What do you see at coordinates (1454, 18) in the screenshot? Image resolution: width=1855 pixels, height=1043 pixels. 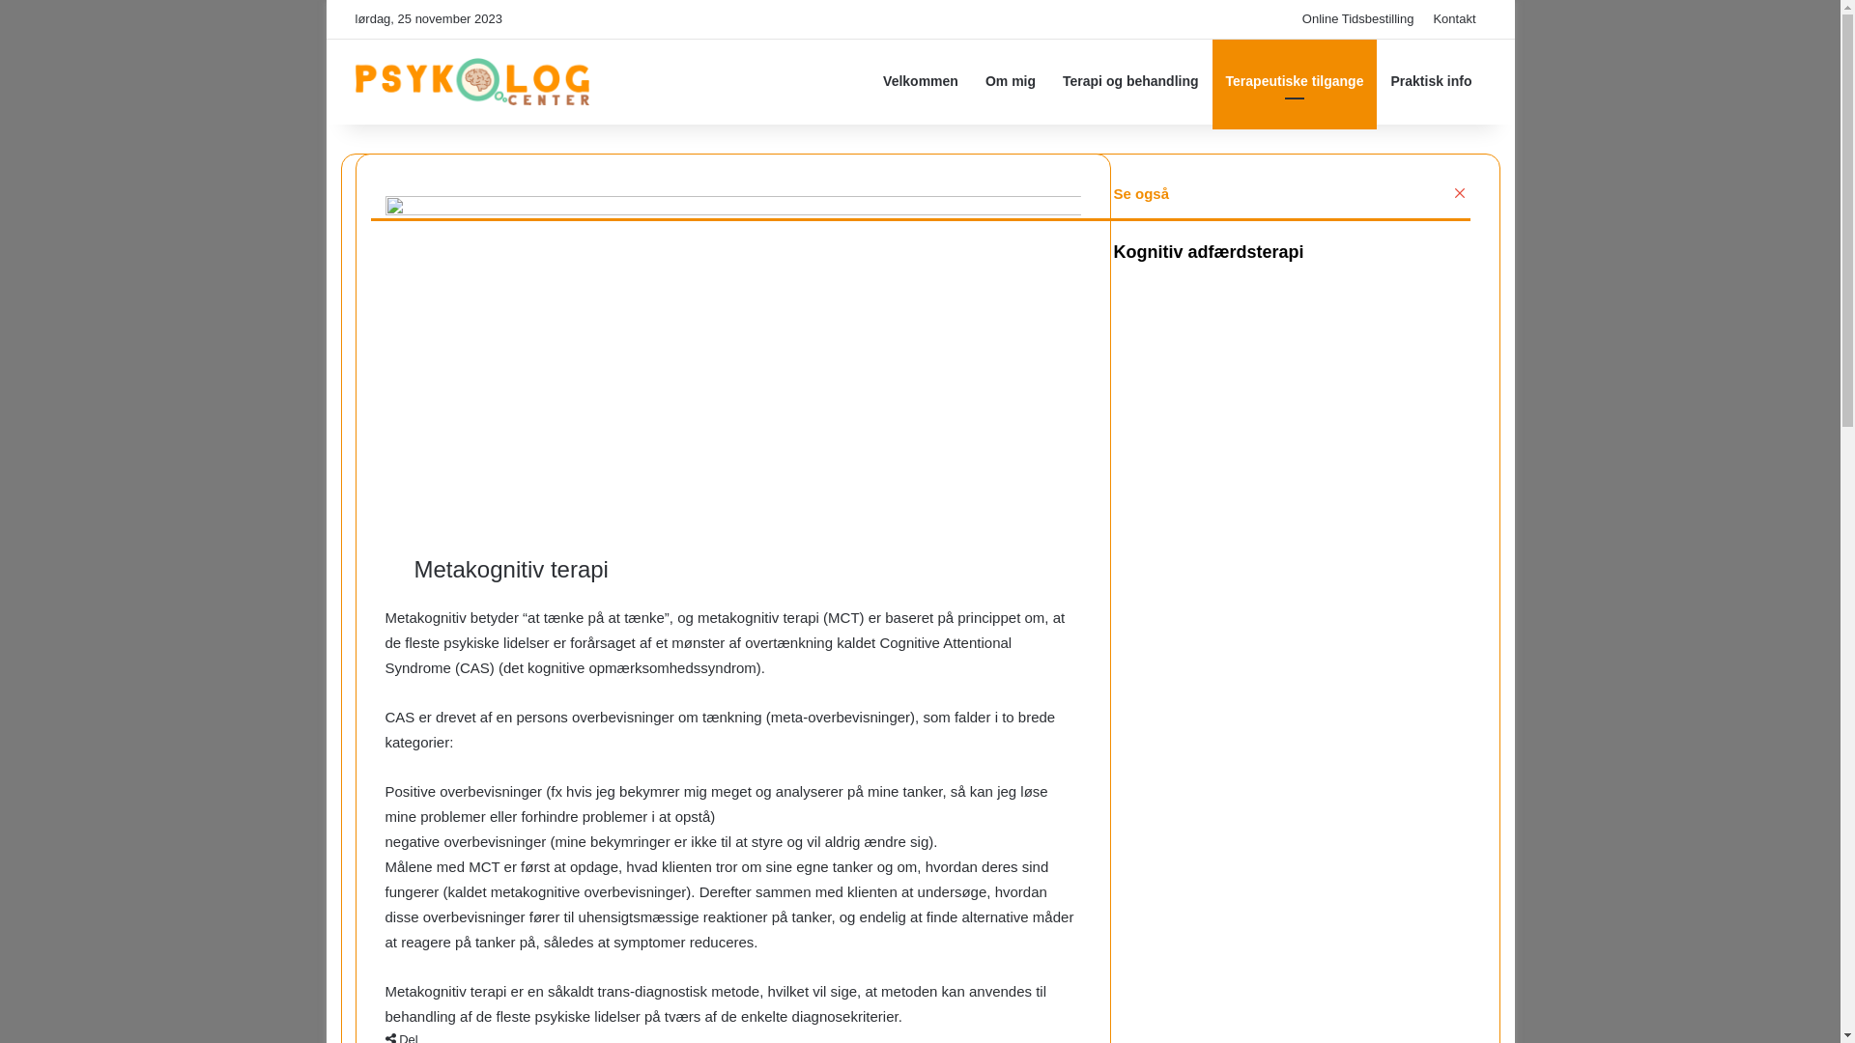 I see `'Kontakt'` at bounding box center [1454, 18].